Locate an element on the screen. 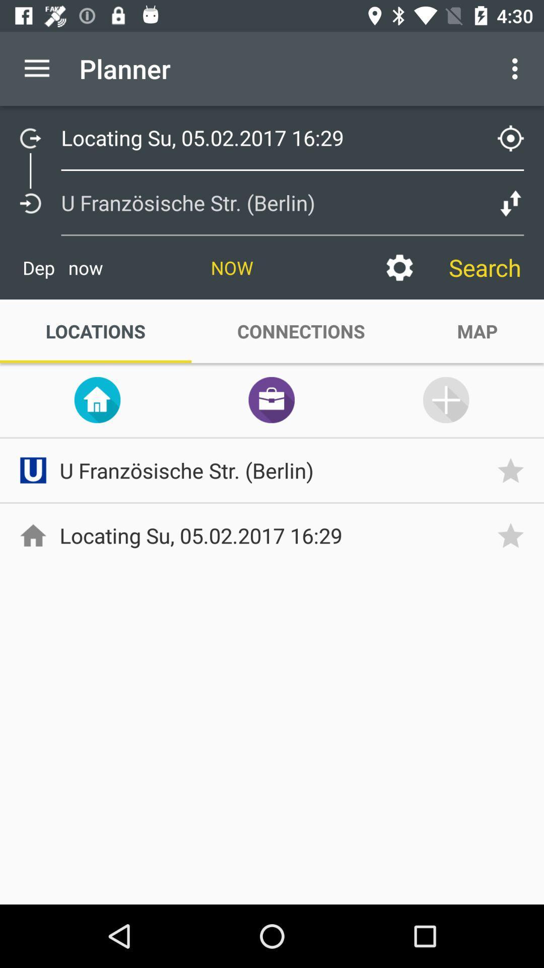  the option beside berlin is located at coordinates (511, 203).